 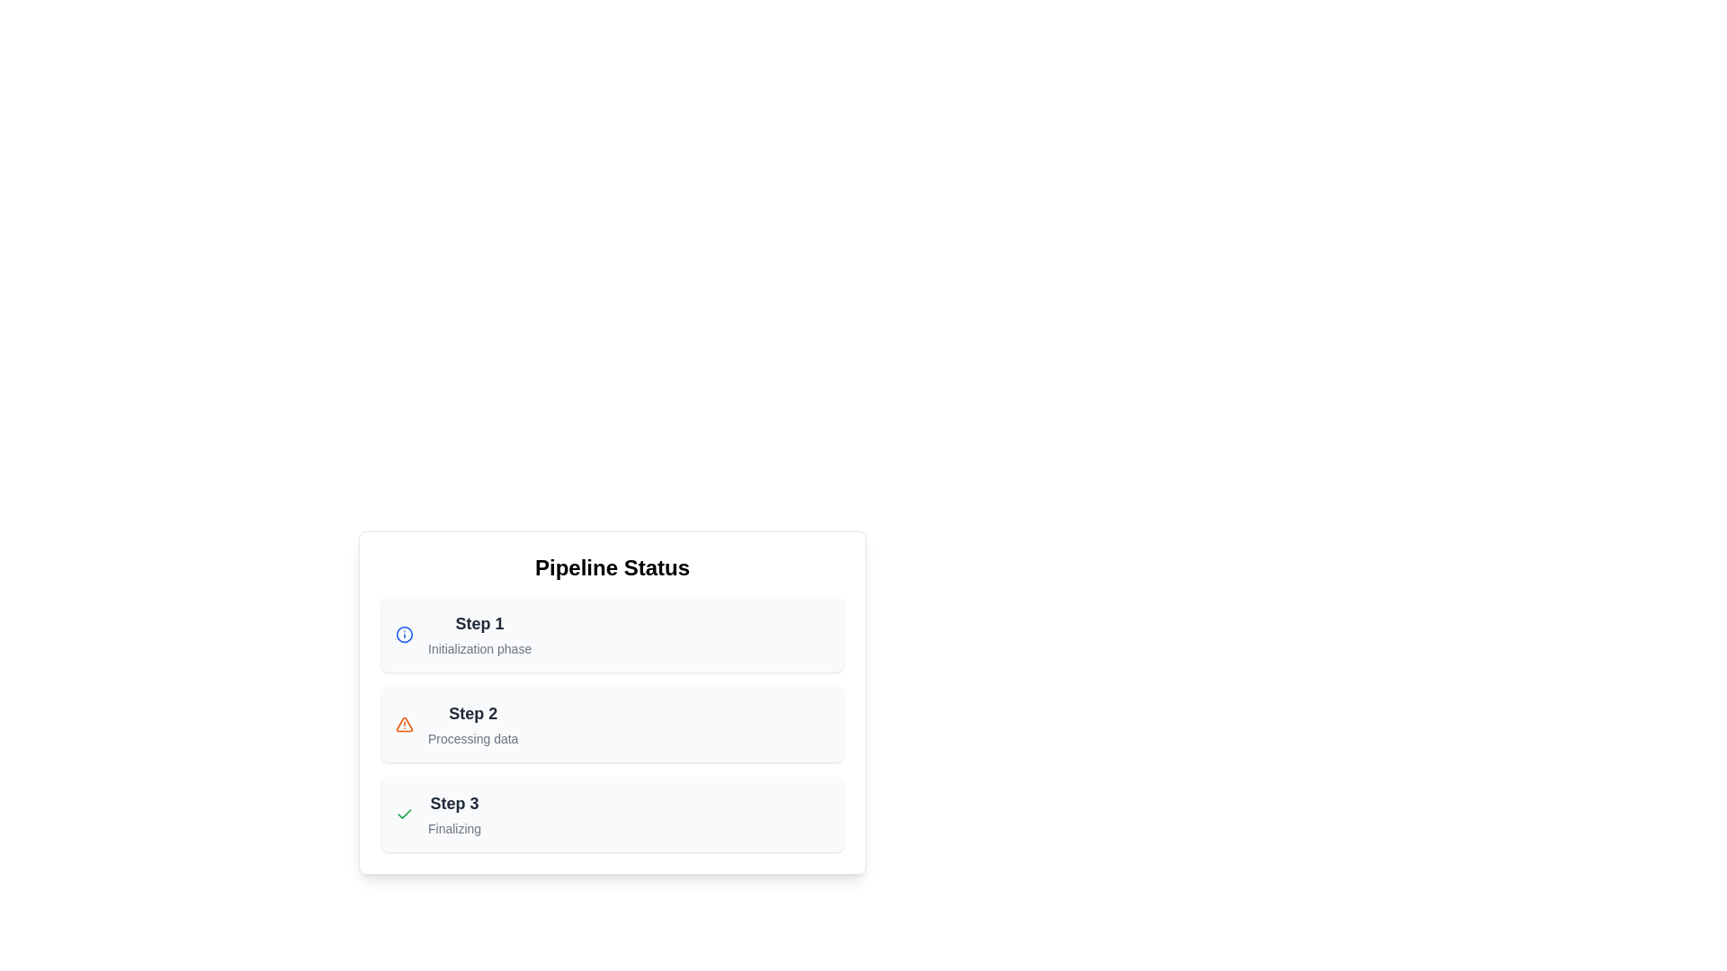 What do you see at coordinates (454, 815) in the screenshot?
I see `the 'Step 3' text label indicating 'Finalizing' in the Pipeline Status section to interpret its meaning` at bounding box center [454, 815].